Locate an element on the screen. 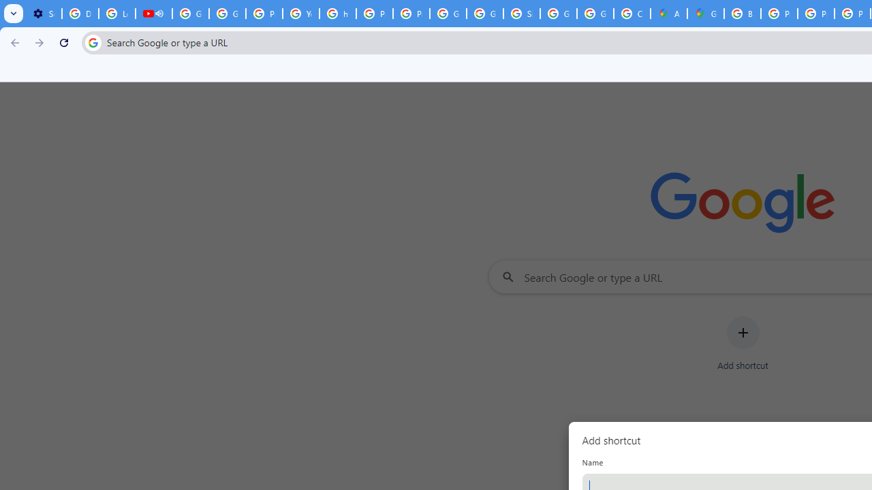 Image resolution: width=872 pixels, height=490 pixels. 'Google Maps' is located at coordinates (706, 14).